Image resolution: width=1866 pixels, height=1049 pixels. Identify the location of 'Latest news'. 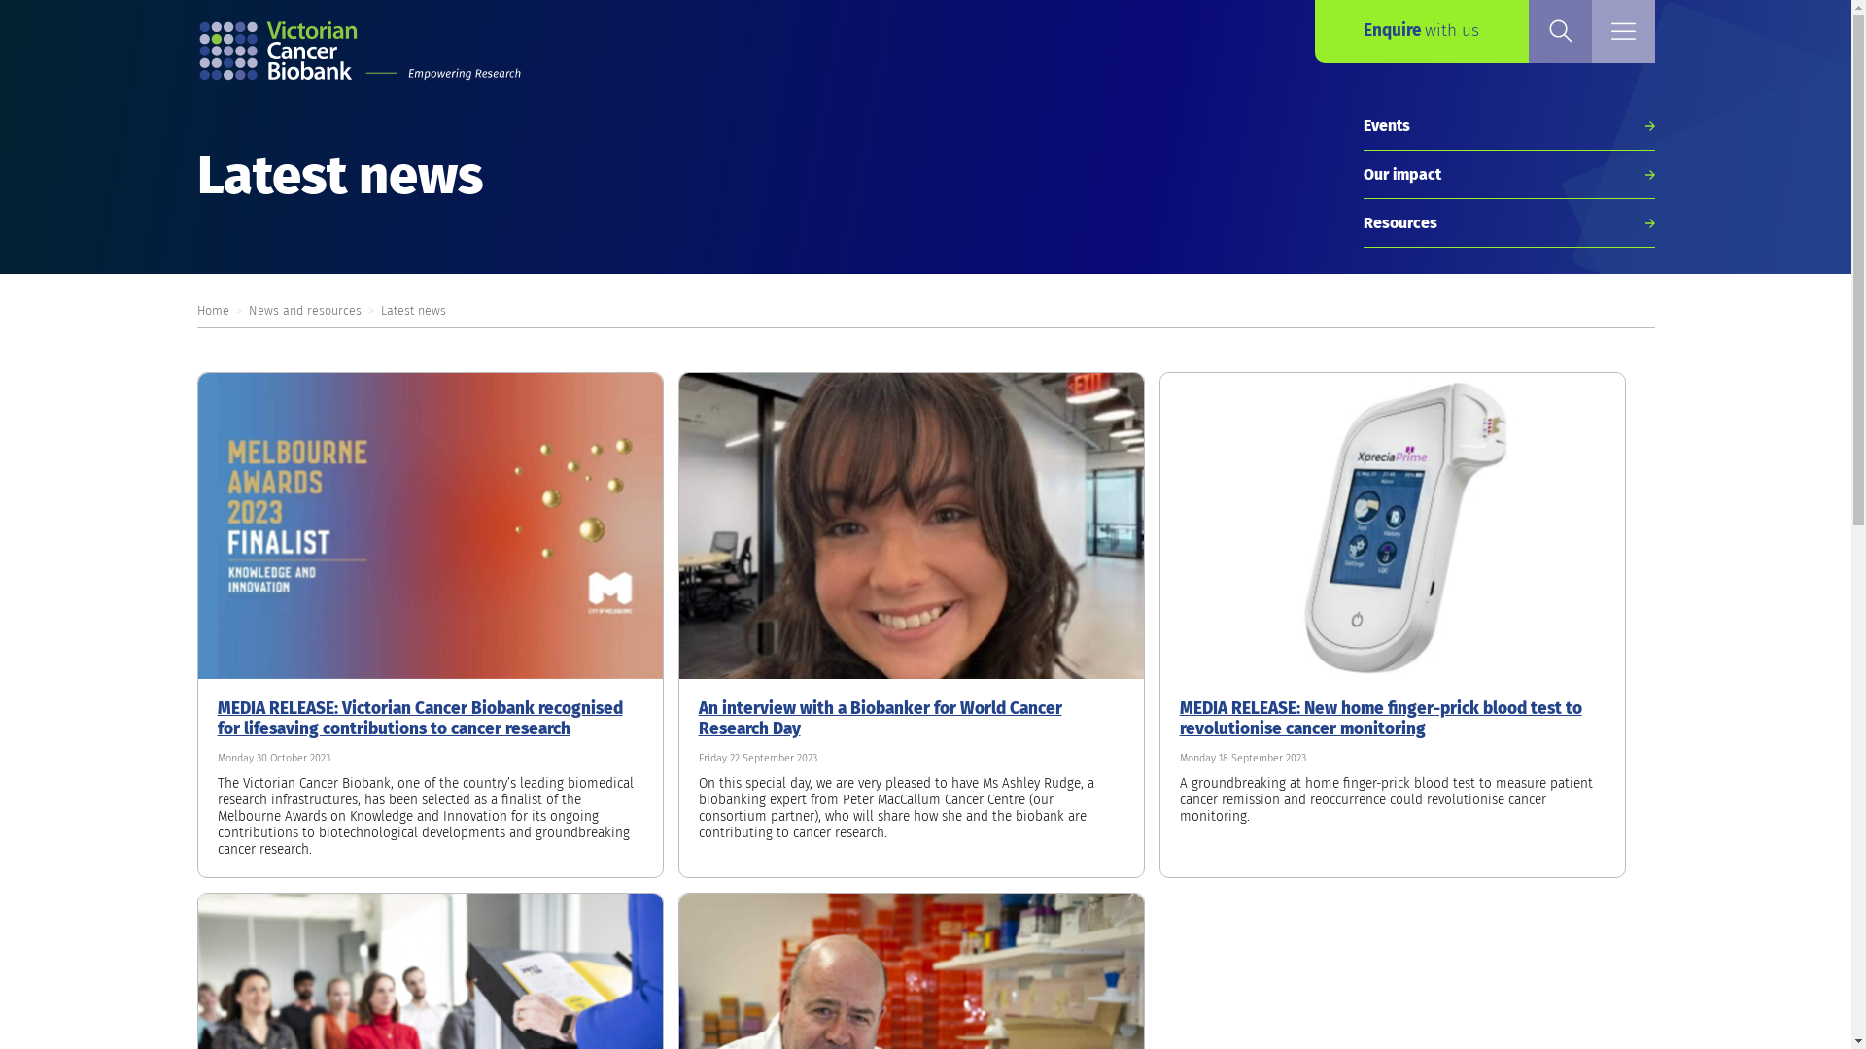
(381, 309).